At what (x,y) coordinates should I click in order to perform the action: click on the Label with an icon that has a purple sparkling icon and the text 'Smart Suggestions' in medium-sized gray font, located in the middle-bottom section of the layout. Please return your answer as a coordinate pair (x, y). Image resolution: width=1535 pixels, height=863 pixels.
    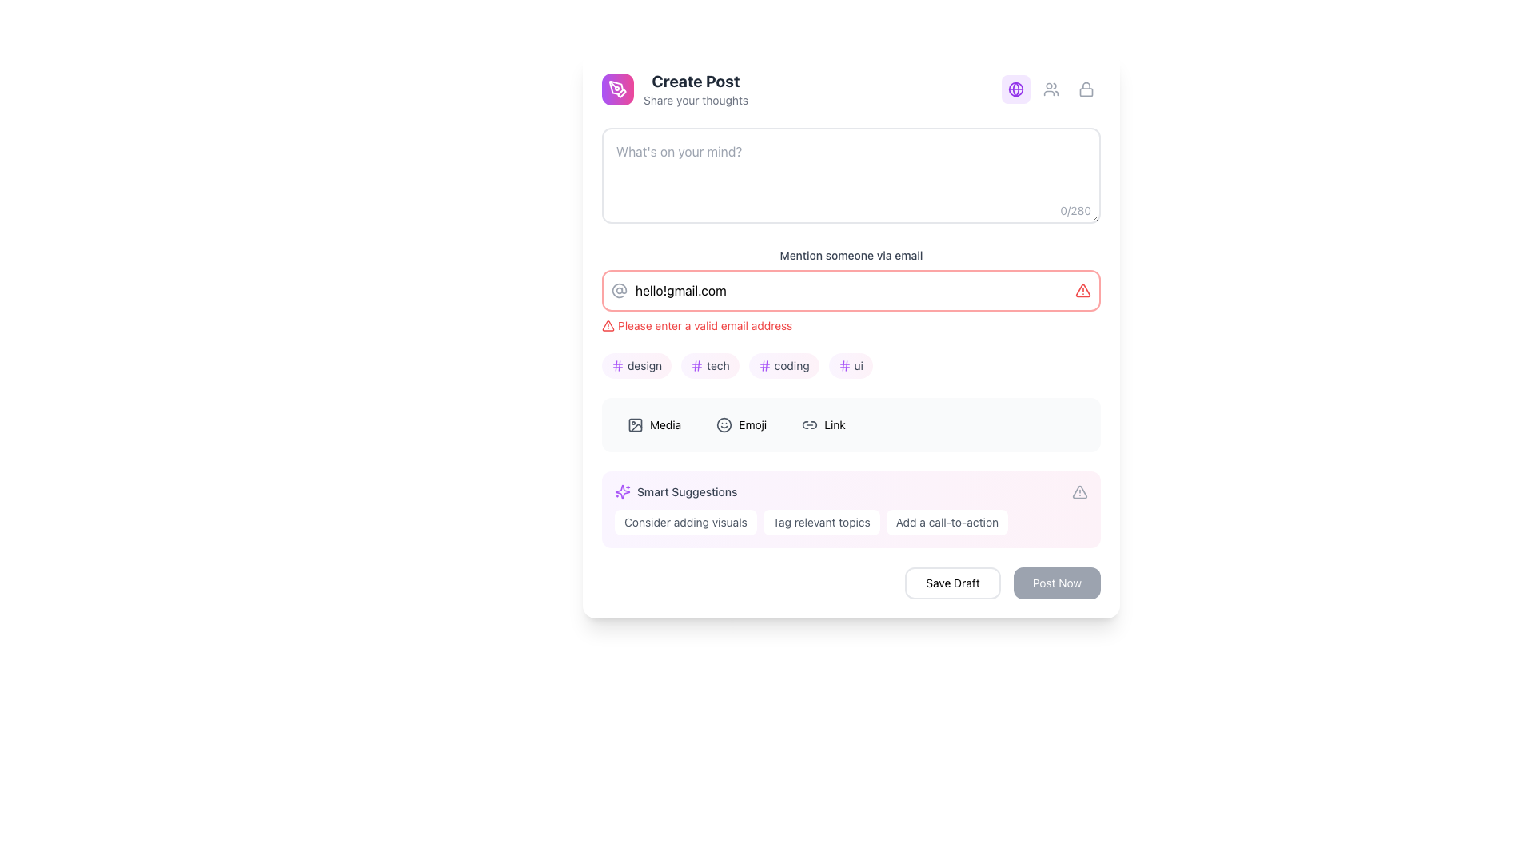
    Looking at the image, I should click on (676, 491).